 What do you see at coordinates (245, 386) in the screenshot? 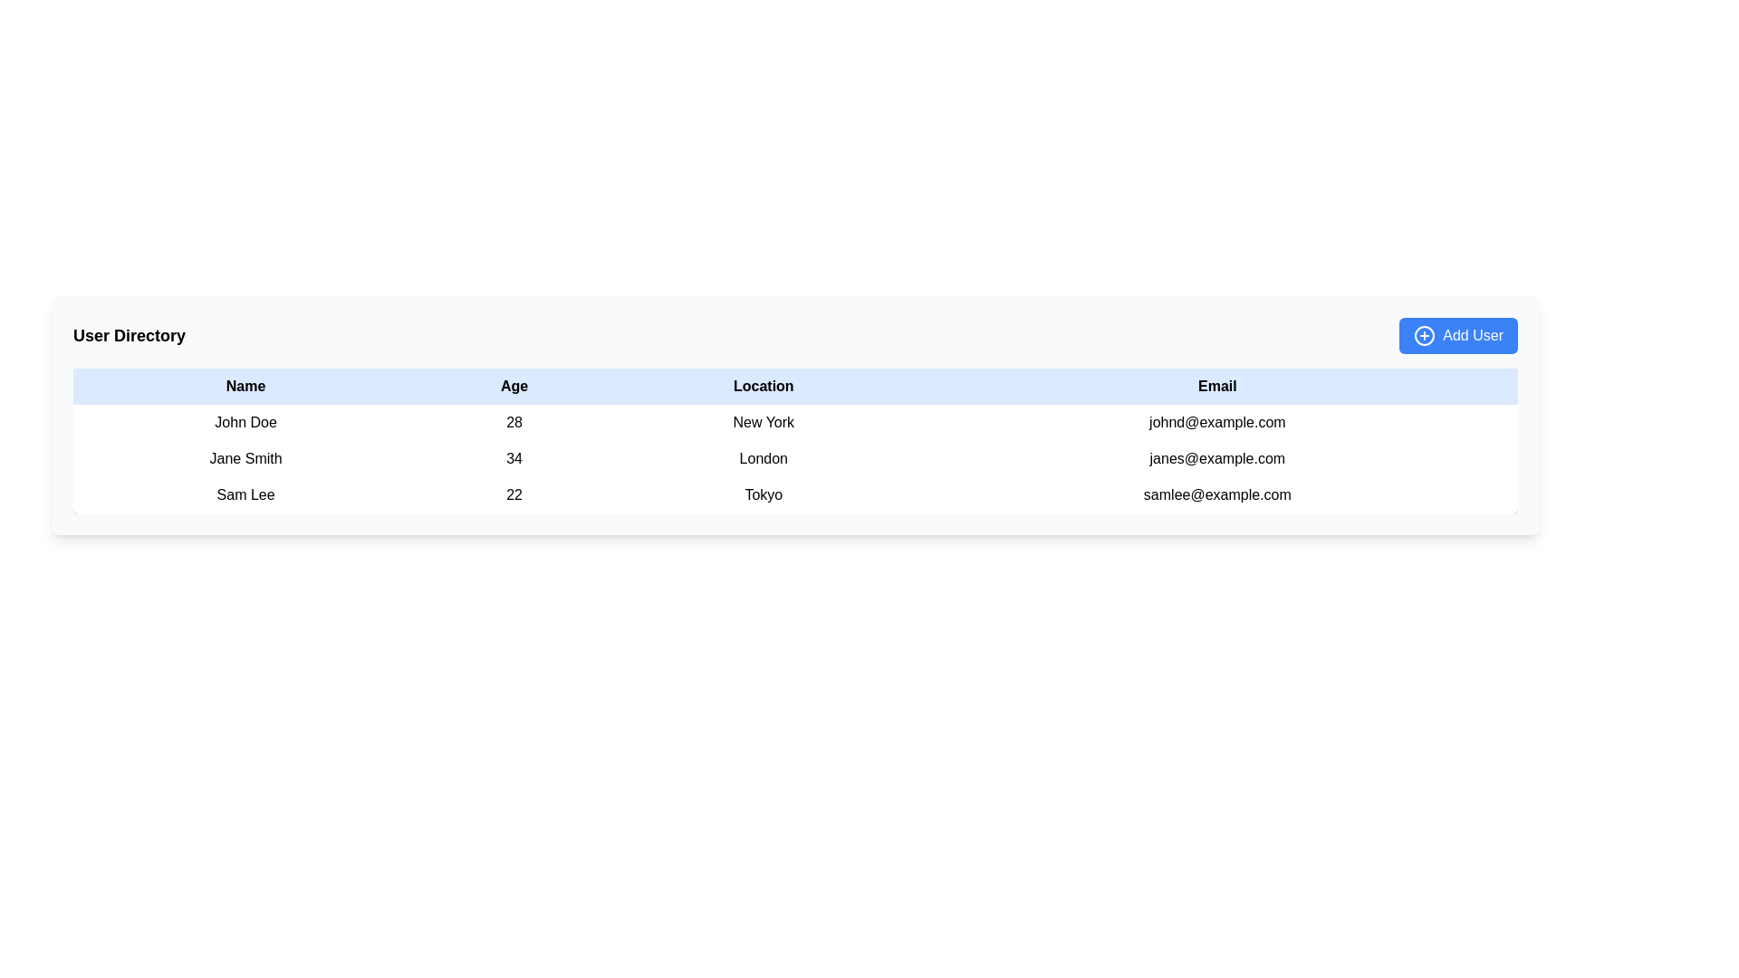
I see `the 'Name' column header in the table, which serves to label and organize data rows related to names` at bounding box center [245, 386].